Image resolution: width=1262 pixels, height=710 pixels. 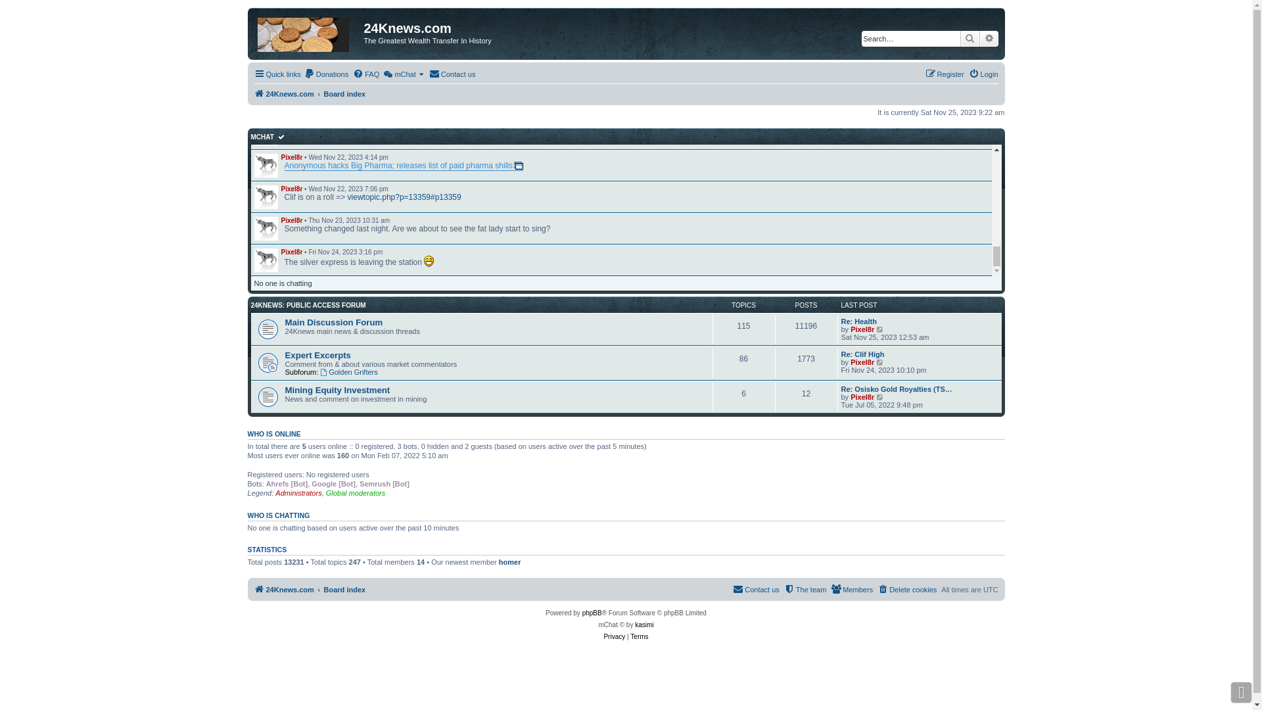 I want to click on '24KNEWS: PUBLIC ACCESS FORUM', so click(x=308, y=305).